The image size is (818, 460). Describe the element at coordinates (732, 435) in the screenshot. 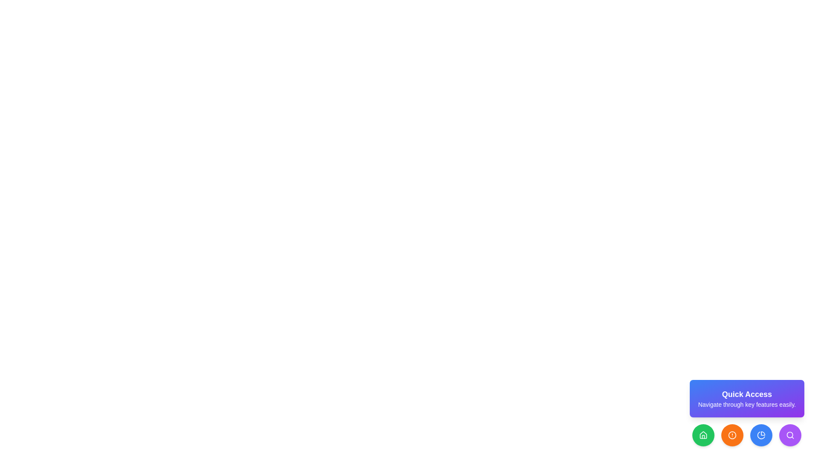

I see `the warning indicator icon, which is styled as a circular button with an orange background, located` at that location.